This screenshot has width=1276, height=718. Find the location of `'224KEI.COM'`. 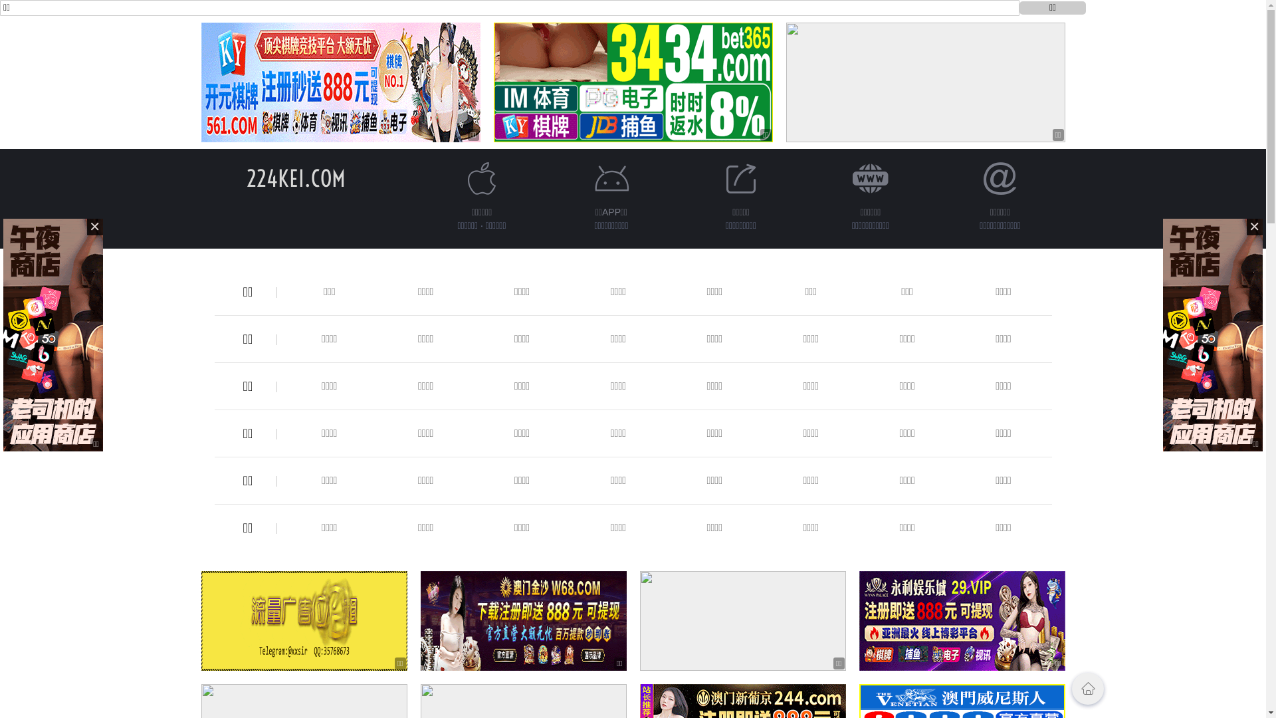

'224KEI.COM' is located at coordinates (295, 178).